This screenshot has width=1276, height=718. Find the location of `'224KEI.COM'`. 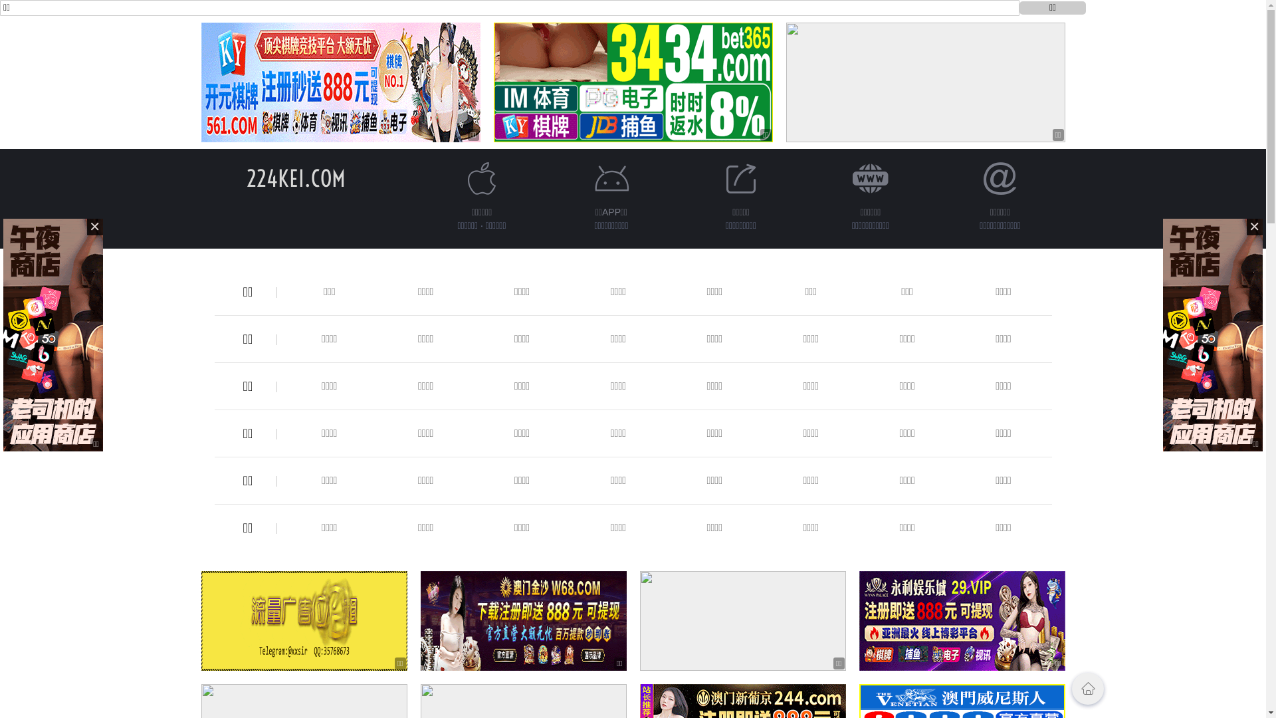

'224KEI.COM' is located at coordinates (295, 178).